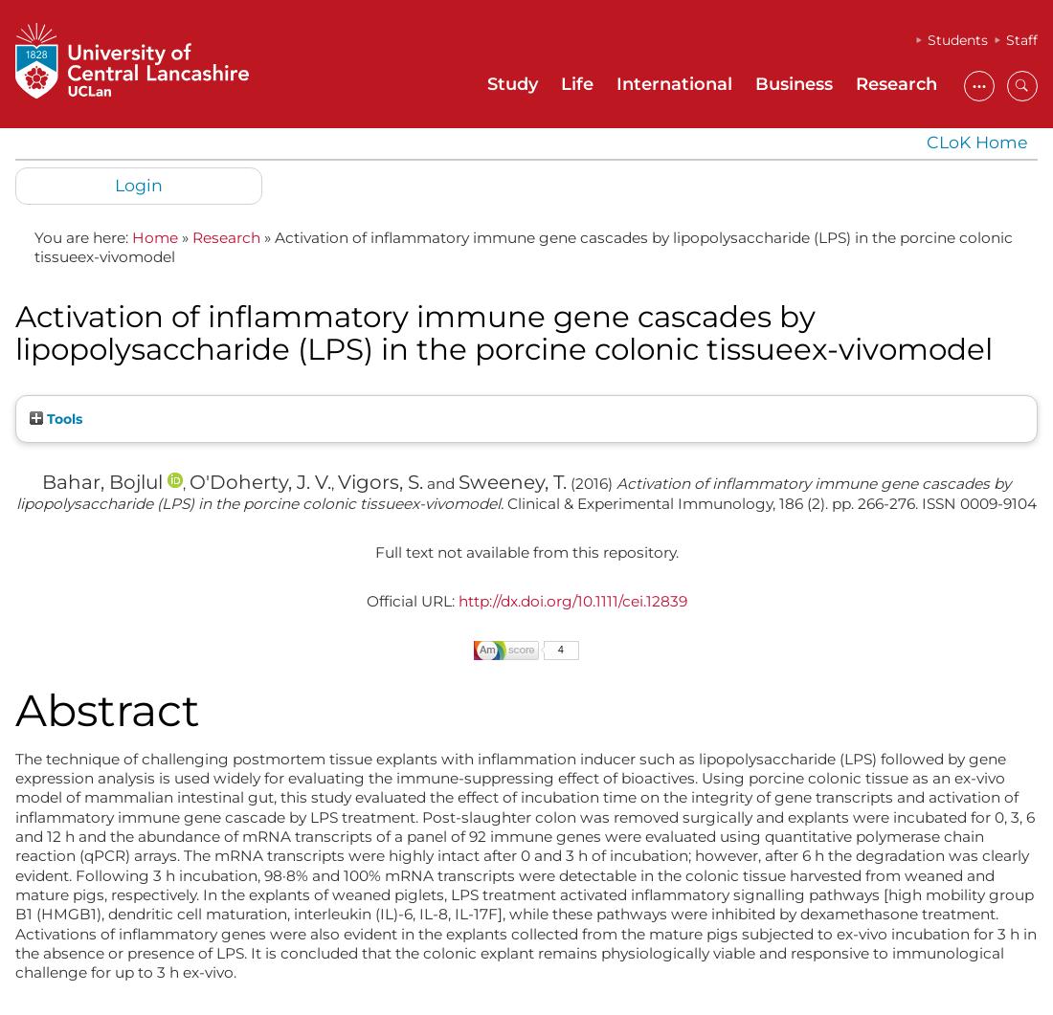 This screenshot has width=1053, height=1015. I want to click on 'Clinical & Experimental Immunology, 186
       (2).
    
     pp. 266-276.
     ISSN 0009-9104', so click(770, 502).